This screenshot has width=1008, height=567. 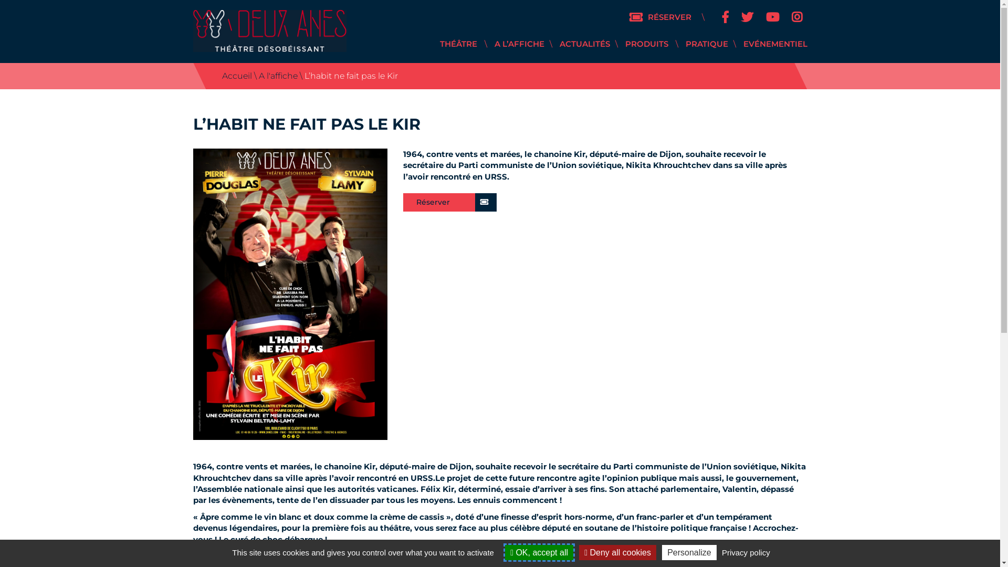 What do you see at coordinates (745, 552) in the screenshot?
I see `'Privacy policy'` at bounding box center [745, 552].